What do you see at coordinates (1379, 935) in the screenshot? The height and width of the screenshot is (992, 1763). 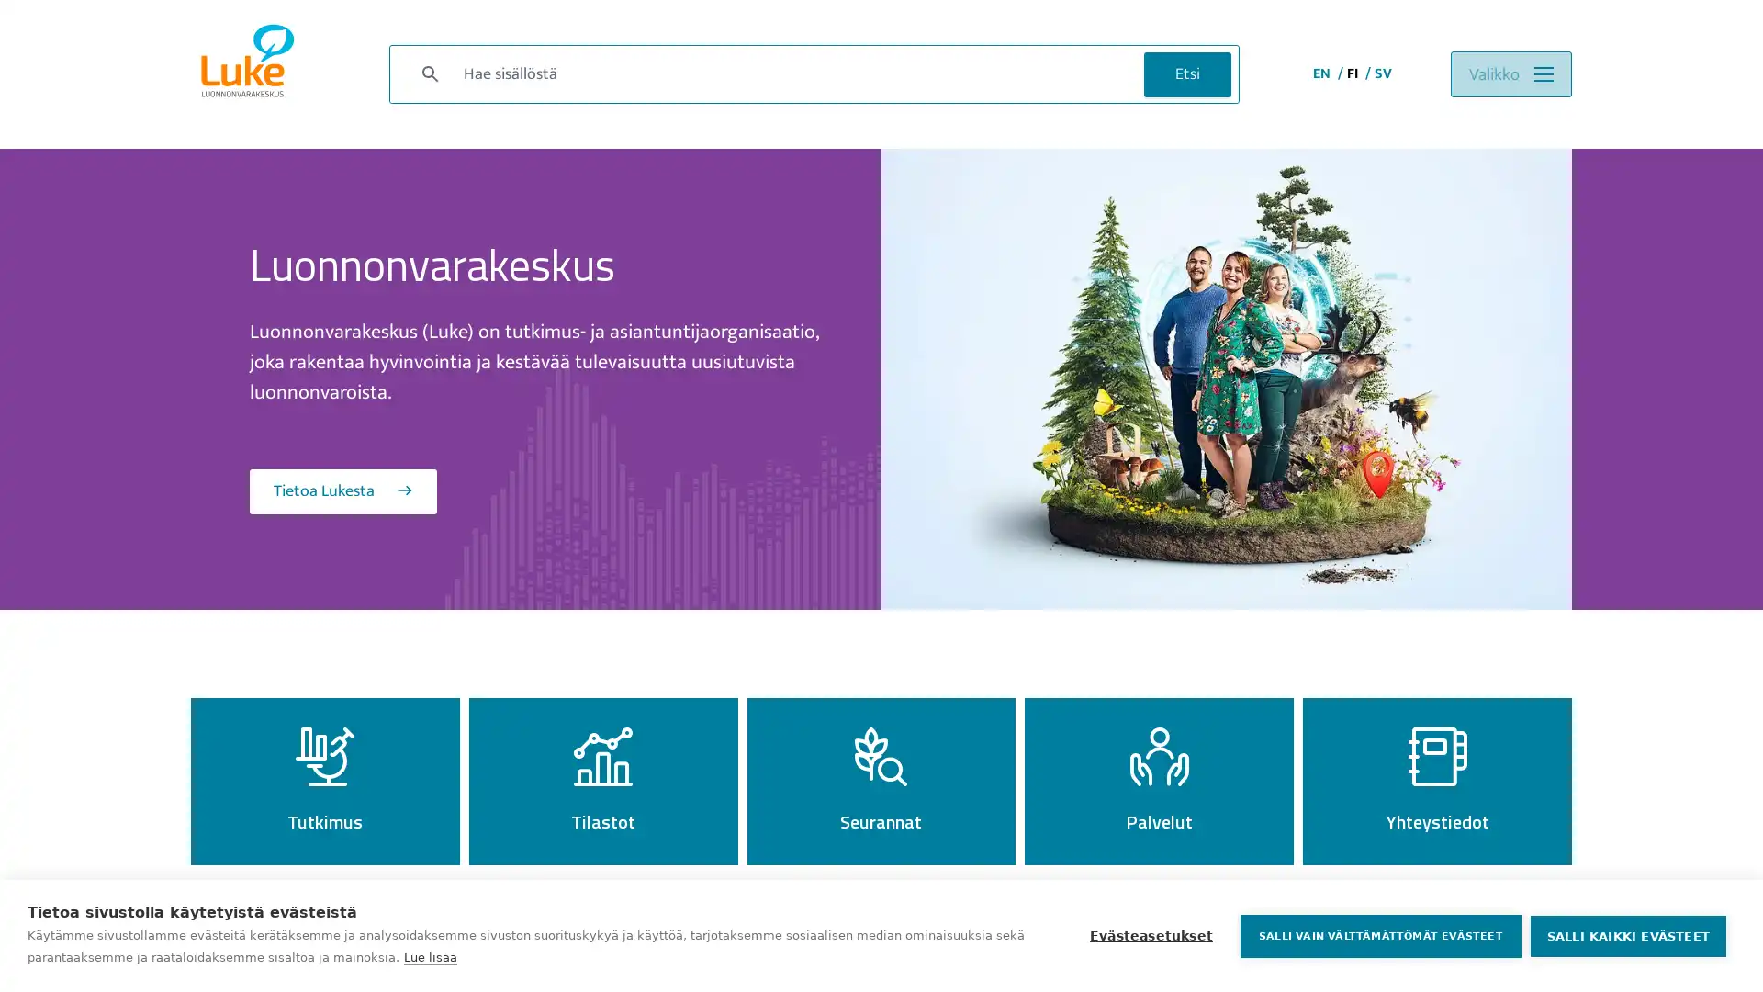 I see `SALLI VAIN VALTTAMATTOMAT EVASTEET` at bounding box center [1379, 935].